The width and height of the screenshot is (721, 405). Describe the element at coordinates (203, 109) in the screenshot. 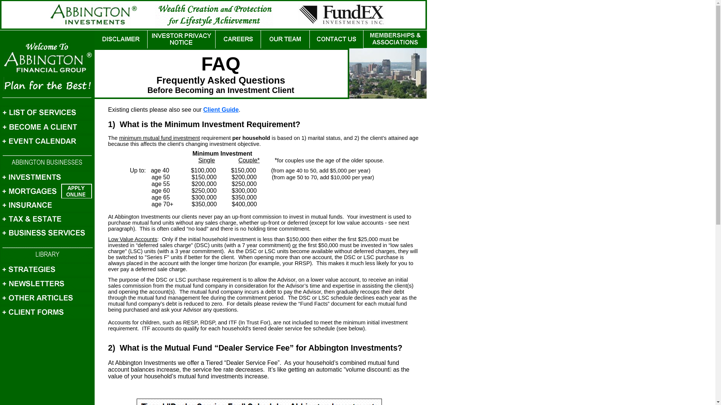

I see `'Client Guide'` at that location.